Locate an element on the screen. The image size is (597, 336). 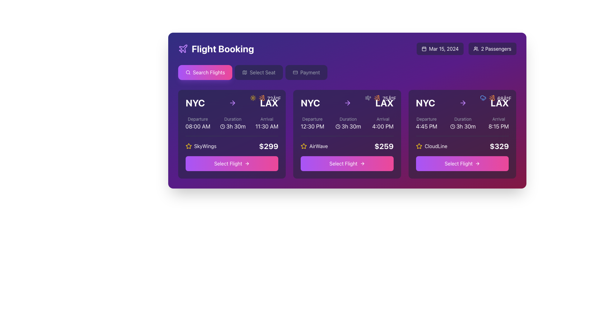
the clock icon, which is visually represented by a circular outline and internal lines indicating clock hands, located to the left of the duration label '3h 30m' is located at coordinates (452, 126).